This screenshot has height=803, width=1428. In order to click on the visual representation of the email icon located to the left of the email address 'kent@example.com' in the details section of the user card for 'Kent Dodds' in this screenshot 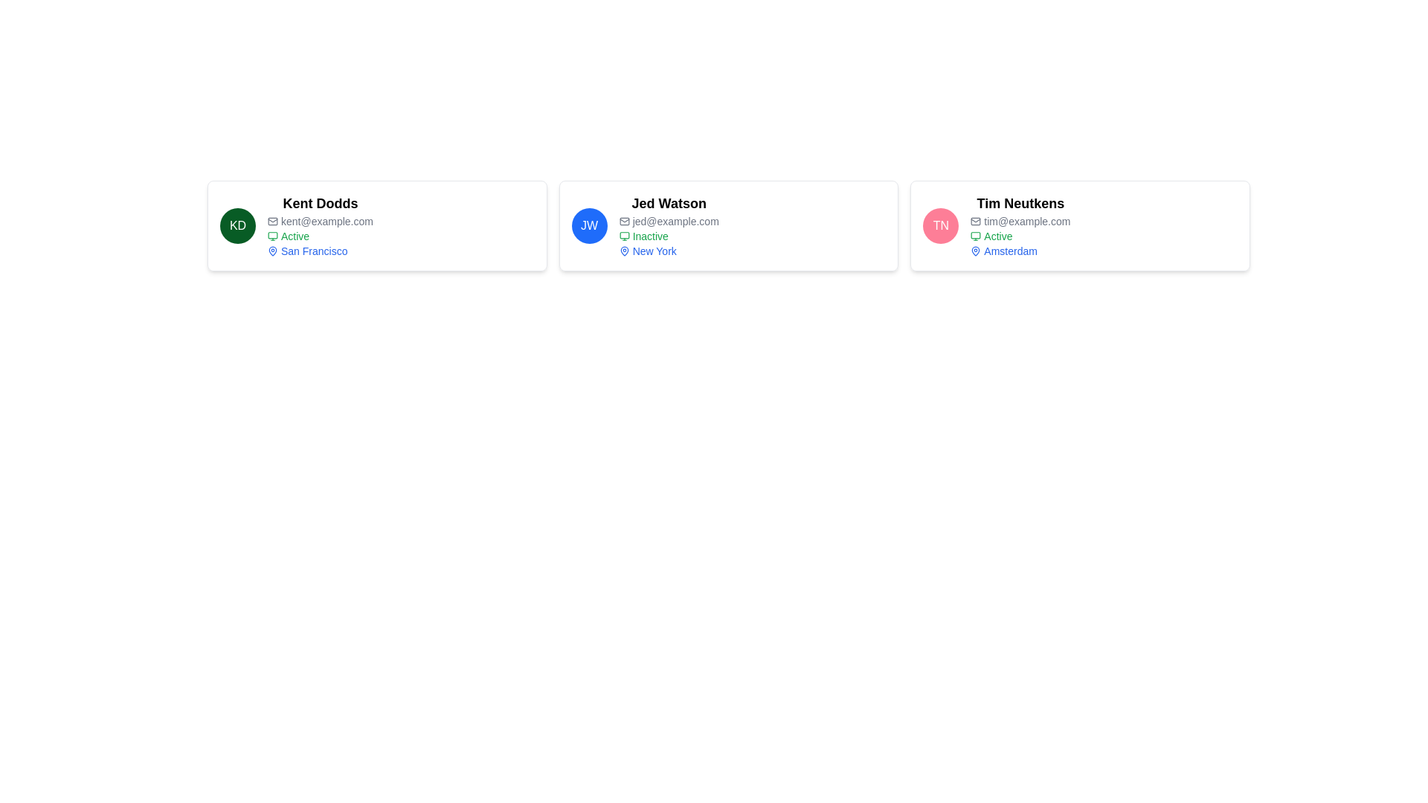, I will do `click(272, 221)`.